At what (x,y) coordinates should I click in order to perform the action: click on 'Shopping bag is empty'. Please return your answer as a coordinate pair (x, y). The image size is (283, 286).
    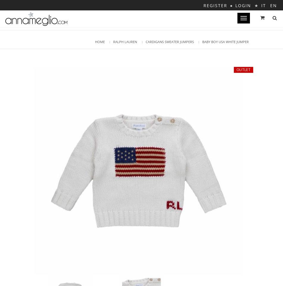
    Looking at the image, I should click on (226, 41).